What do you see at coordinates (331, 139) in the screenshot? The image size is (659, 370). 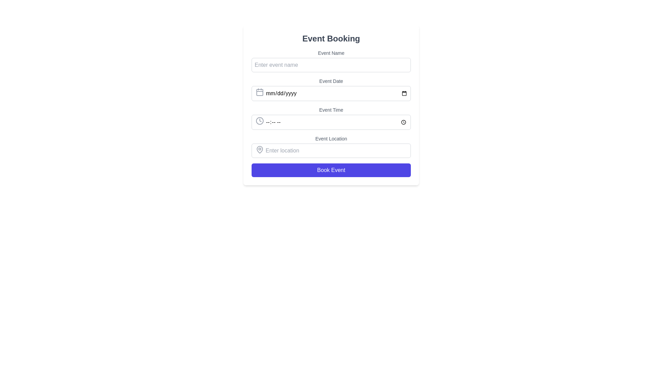 I see `the text label displaying 'Event Location', which is styled with a small gray font and positioned above the input field 'Enter location'` at bounding box center [331, 139].